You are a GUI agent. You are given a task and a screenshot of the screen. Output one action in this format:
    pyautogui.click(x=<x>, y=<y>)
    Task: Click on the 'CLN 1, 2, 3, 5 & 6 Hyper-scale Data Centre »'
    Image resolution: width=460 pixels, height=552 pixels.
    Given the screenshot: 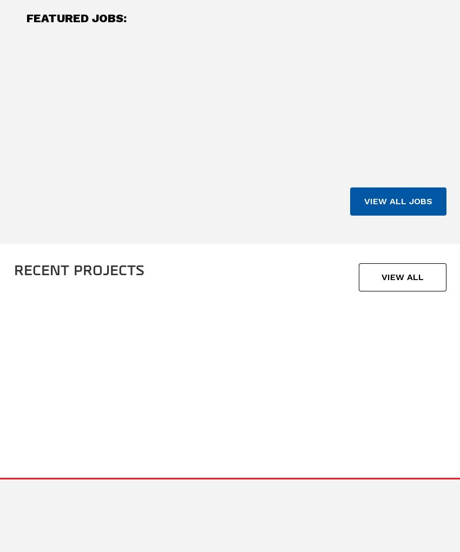 What is the action you would take?
    pyautogui.click(x=62, y=397)
    